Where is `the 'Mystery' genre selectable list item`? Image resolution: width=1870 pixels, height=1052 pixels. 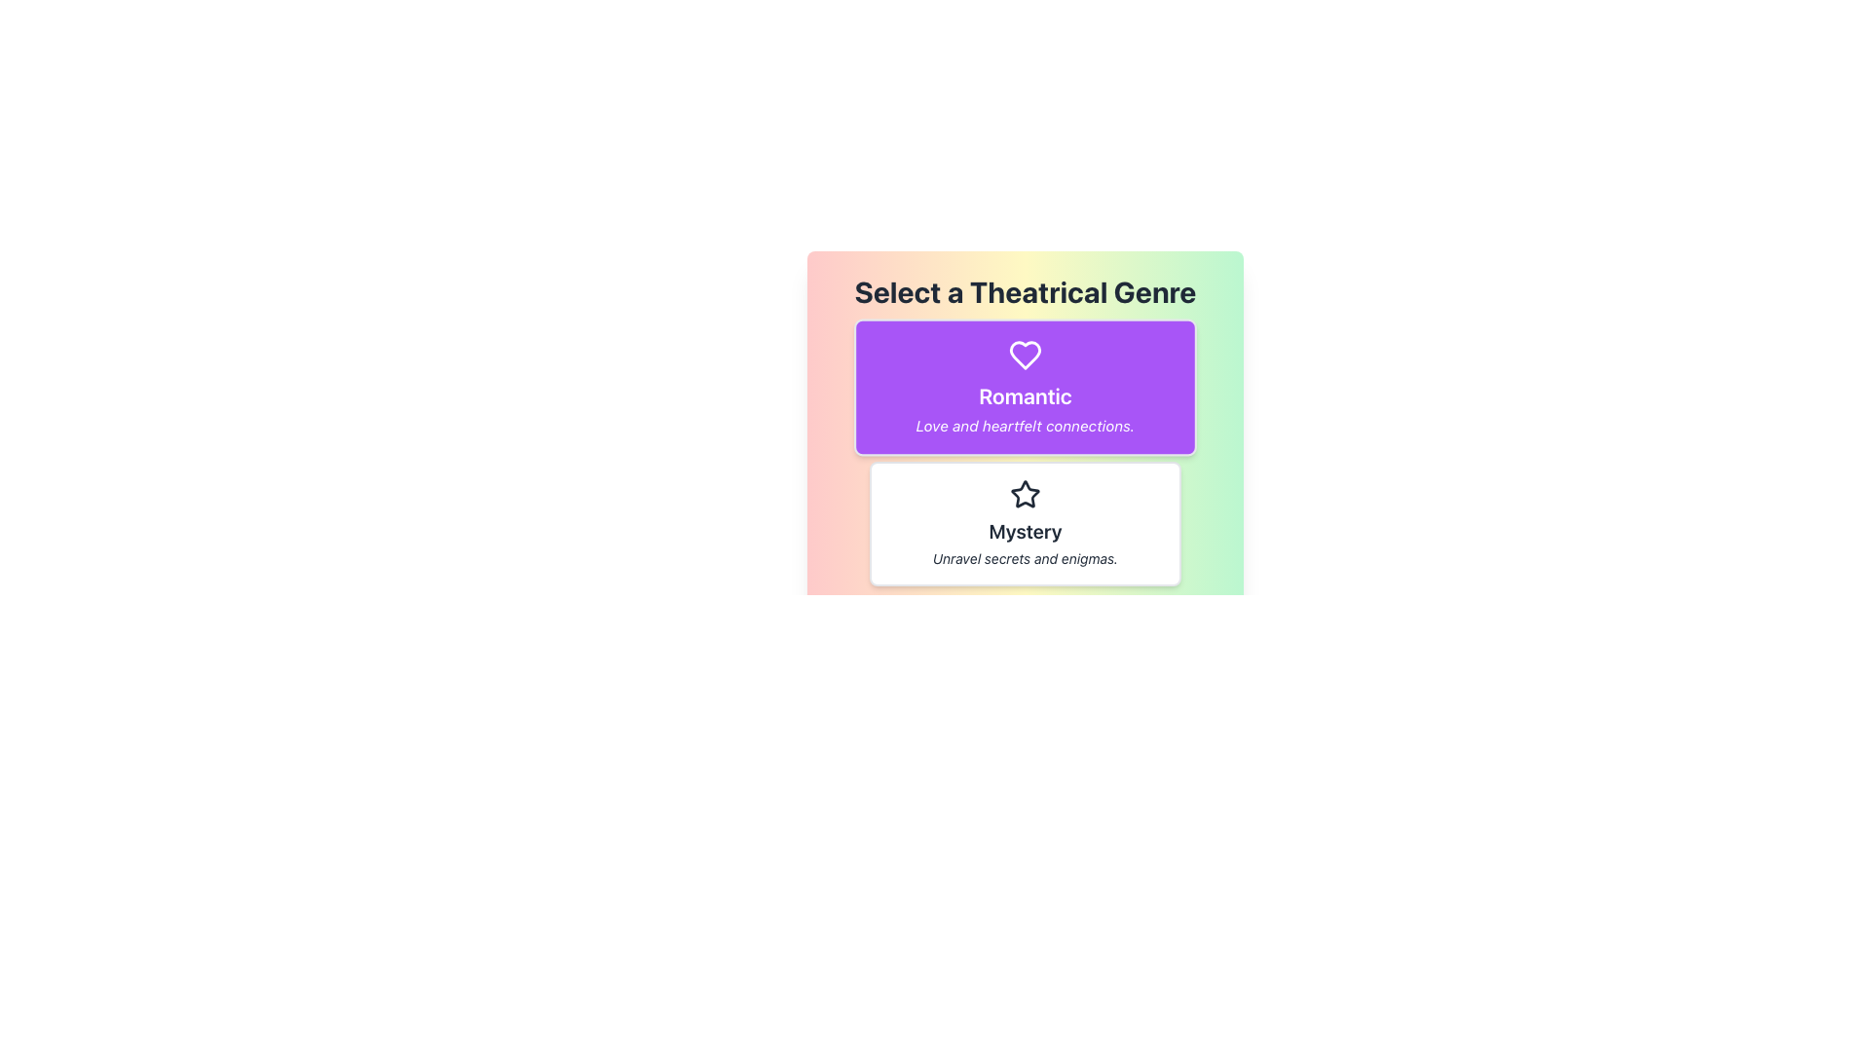
the 'Mystery' genre selectable list item is located at coordinates (1024, 522).